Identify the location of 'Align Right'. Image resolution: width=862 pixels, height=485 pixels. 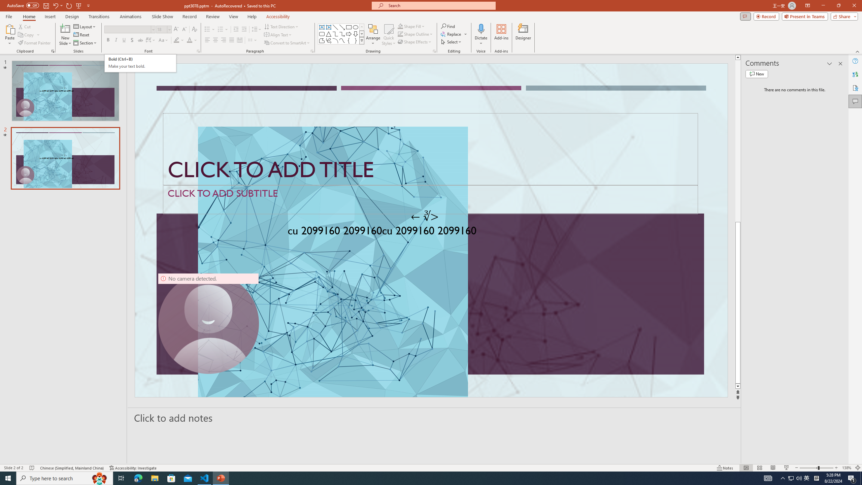
(224, 40).